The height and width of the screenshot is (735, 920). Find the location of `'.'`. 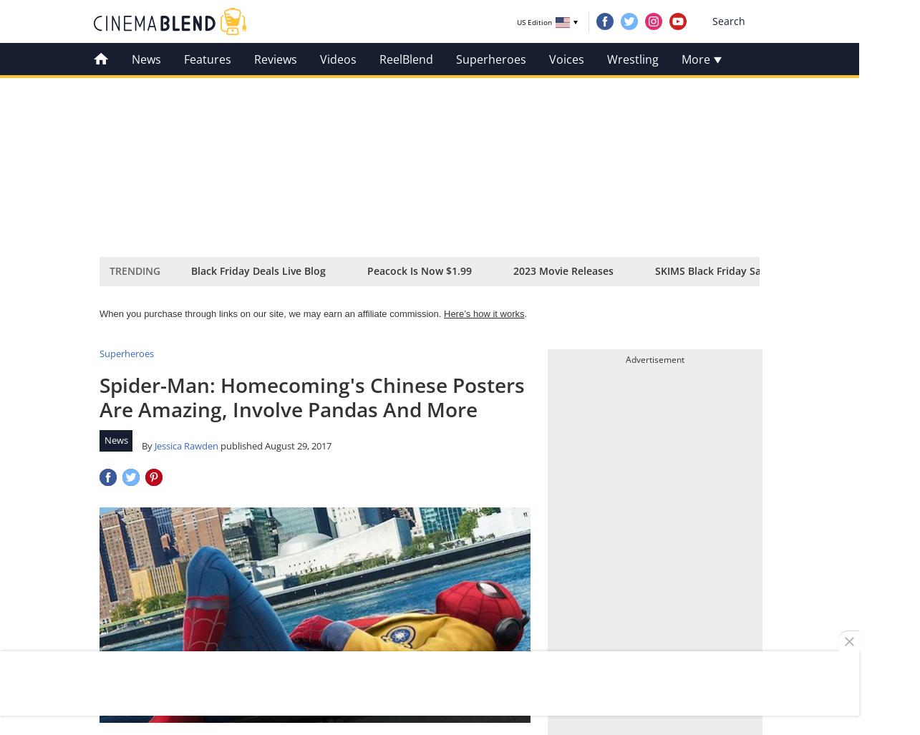

'.' is located at coordinates (524, 313).